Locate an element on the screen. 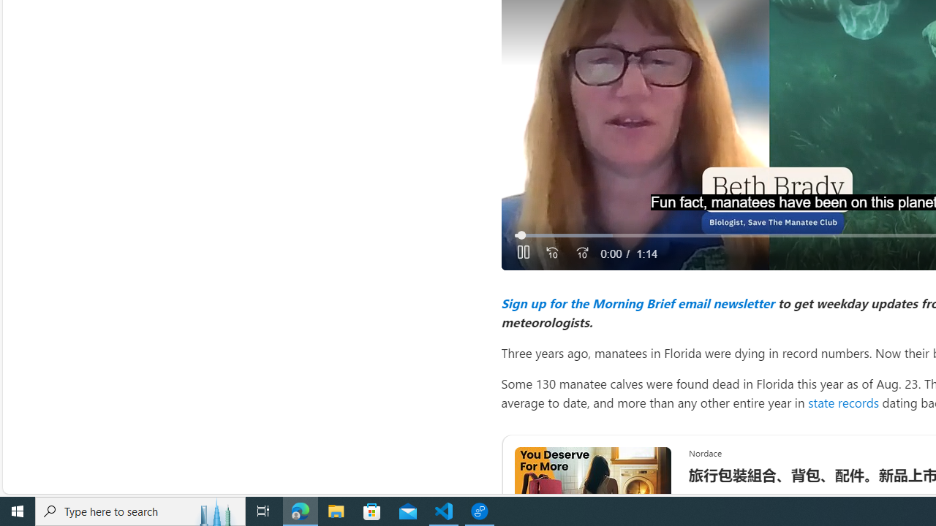  'Seek Back' is located at coordinates (551, 253).